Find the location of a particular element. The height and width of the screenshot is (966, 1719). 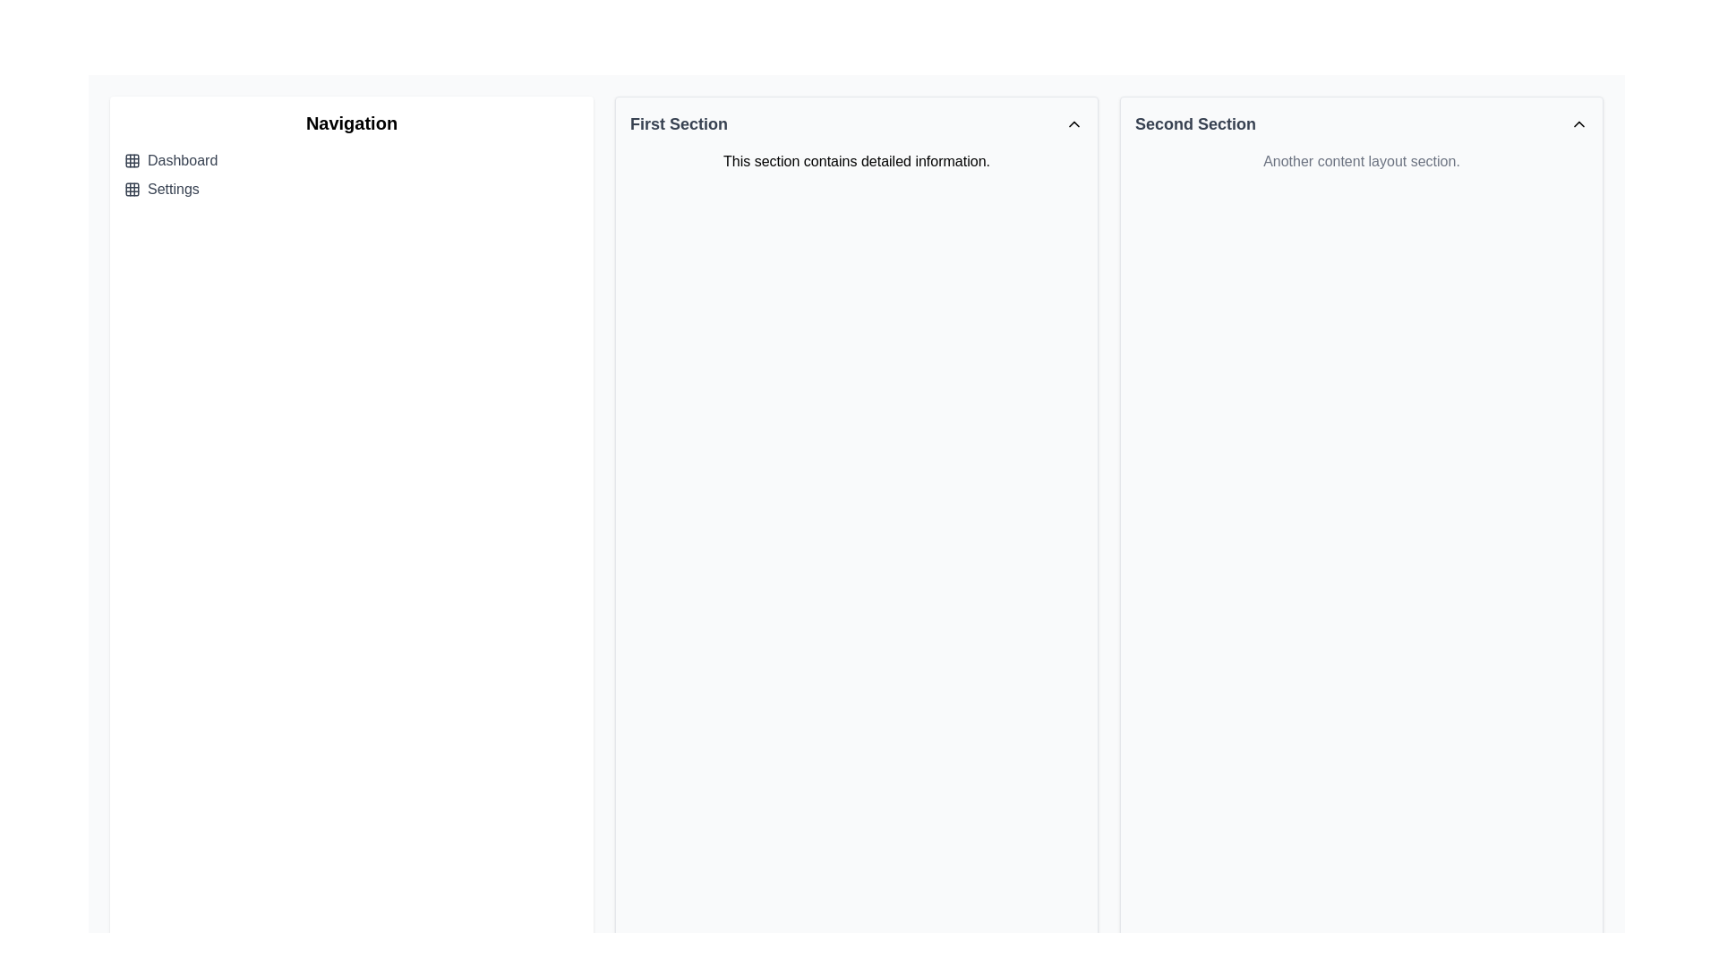

the chevron-up icon located in the top-right corner of the 'First Section' heading area is located at coordinates (1074, 123).